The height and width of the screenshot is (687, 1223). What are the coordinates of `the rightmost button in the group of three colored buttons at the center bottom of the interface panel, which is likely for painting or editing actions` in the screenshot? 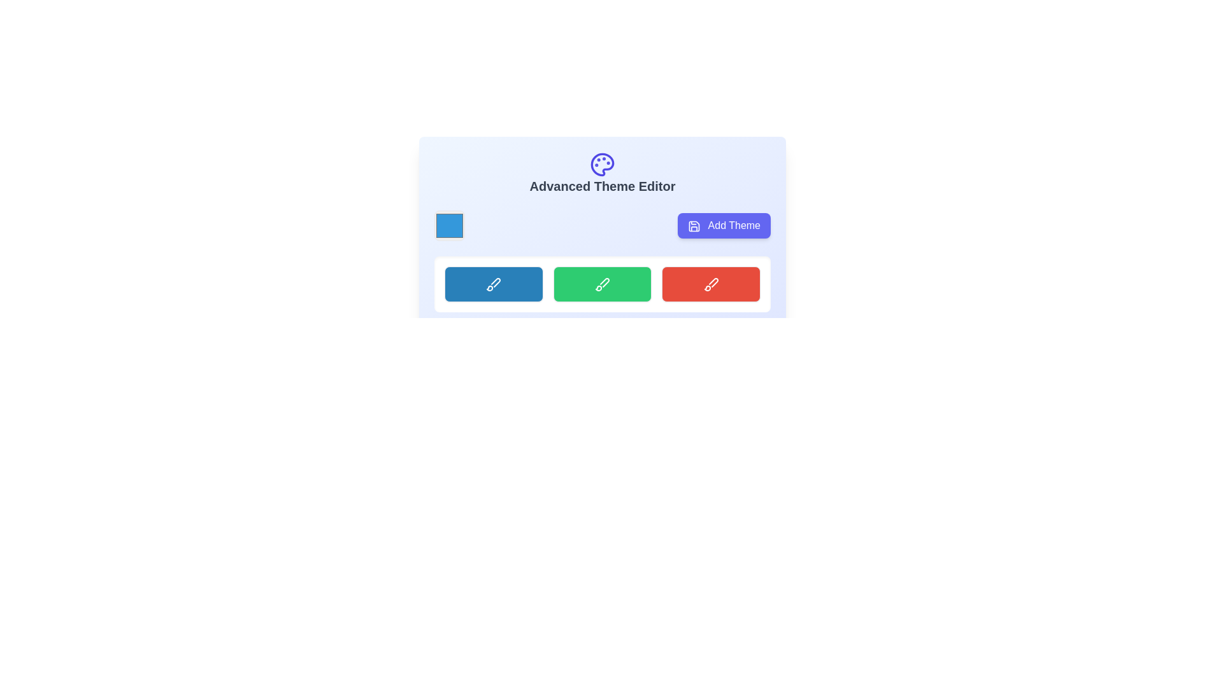 It's located at (710, 284).